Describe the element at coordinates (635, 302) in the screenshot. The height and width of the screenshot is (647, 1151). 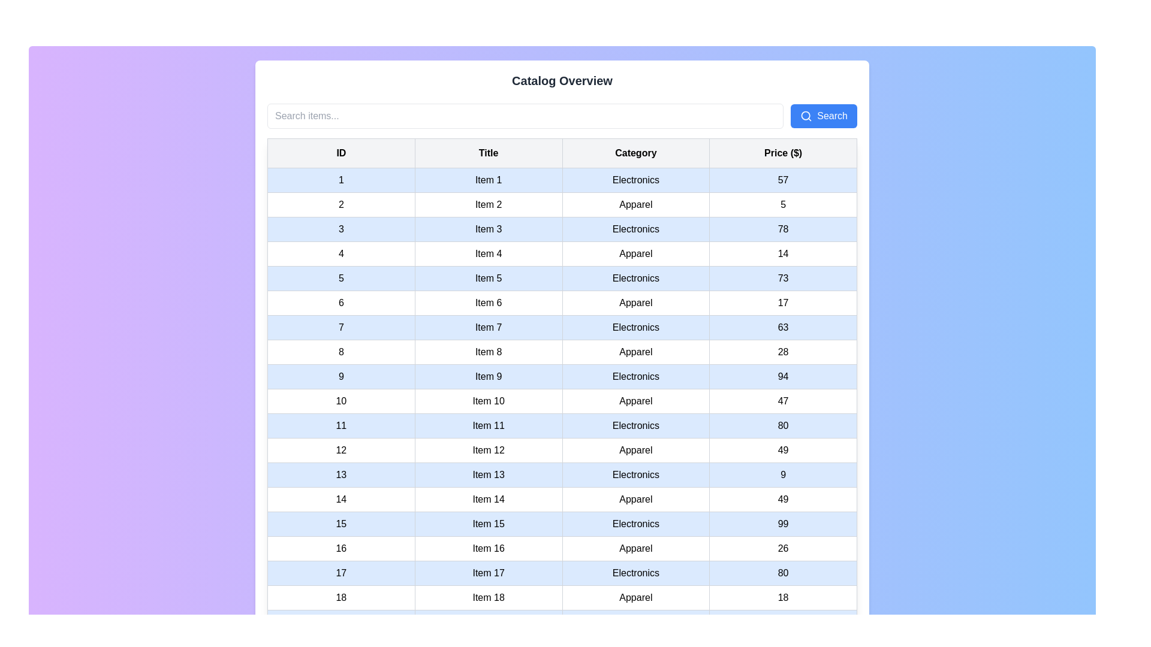
I see `text from the table cell displaying 'Apparel' located in the 'Category' column for 'Item 6'` at that location.